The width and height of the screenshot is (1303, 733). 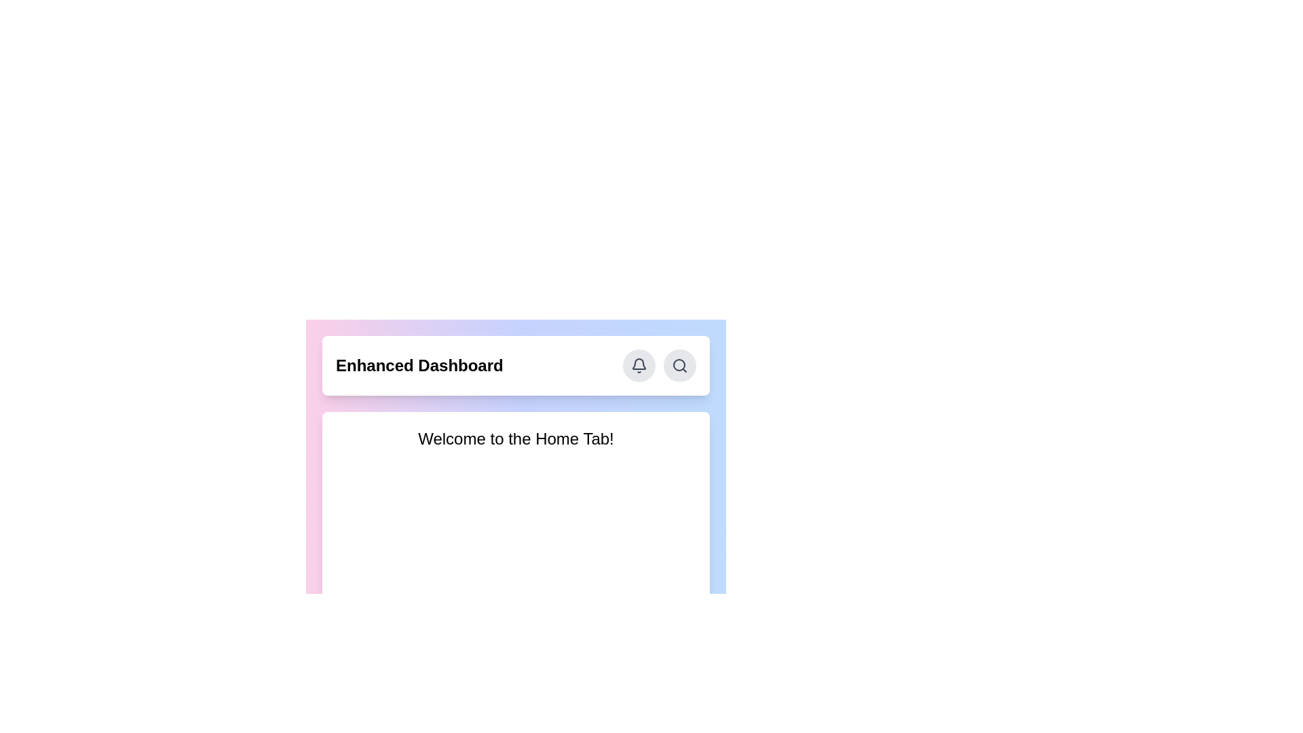 What do you see at coordinates (638, 365) in the screenshot?
I see `the Icon button located in the top-right corner of the main interface section` at bounding box center [638, 365].